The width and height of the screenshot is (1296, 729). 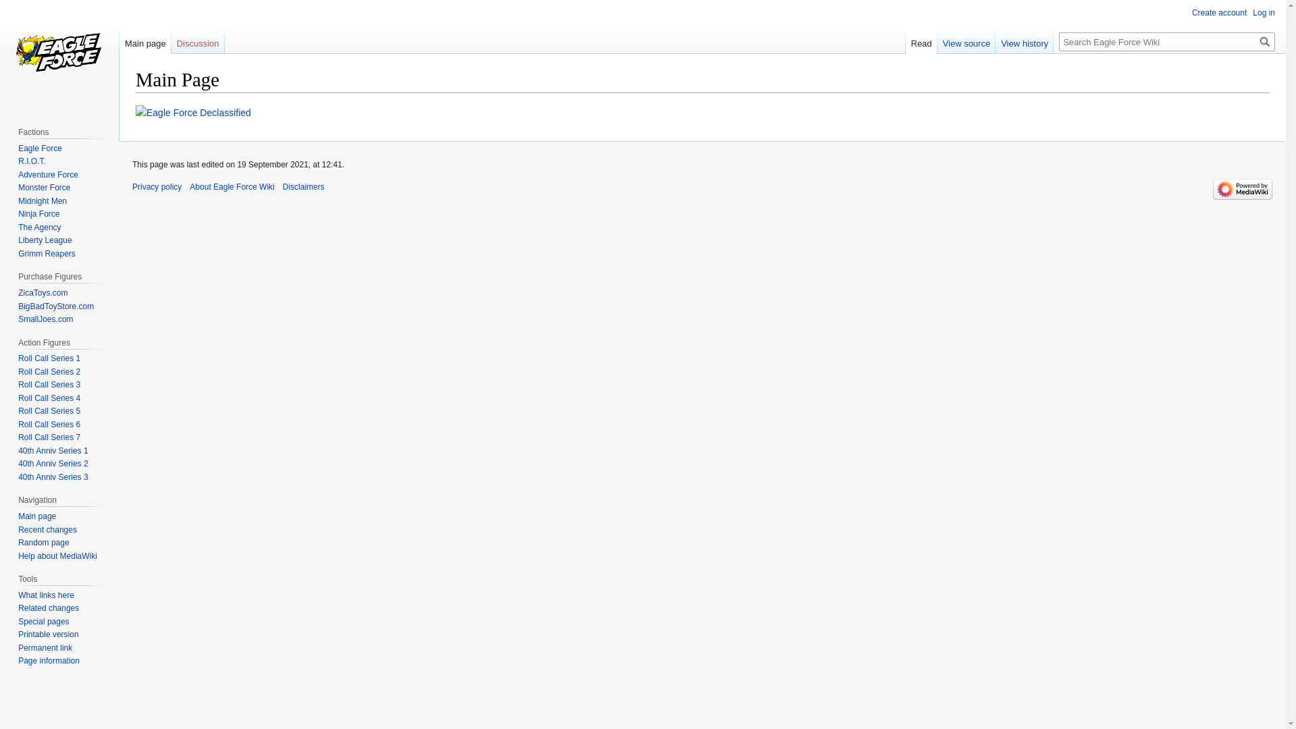 What do you see at coordinates (38, 213) in the screenshot?
I see `'Ninja Force'` at bounding box center [38, 213].